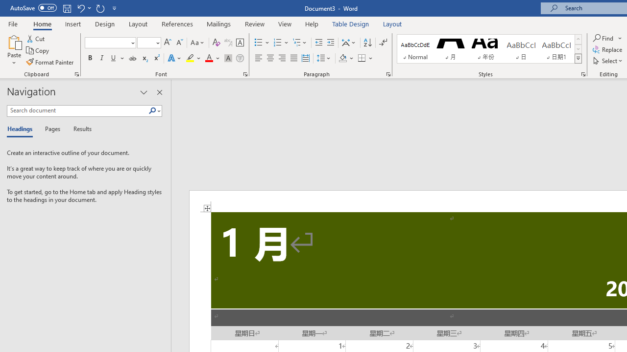 The height and width of the screenshot is (352, 627). What do you see at coordinates (342, 58) in the screenshot?
I see `'Shading RGB(0, 0, 0)'` at bounding box center [342, 58].